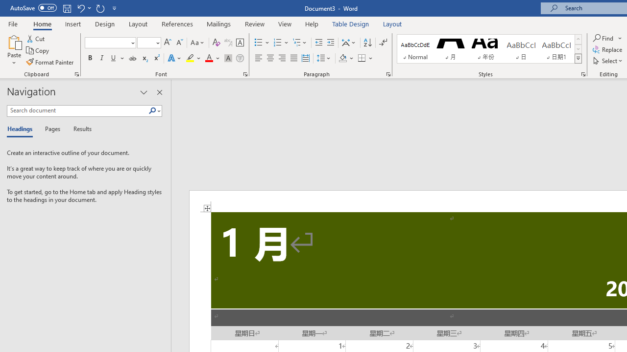 The height and width of the screenshot is (352, 627). What do you see at coordinates (342, 58) in the screenshot?
I see `'Shading RGB(0, 0, 0)'` at bounding box center [342, 58].